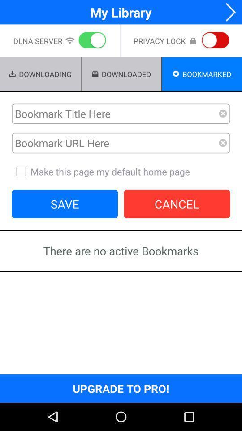 The image size is (242, 431). What do you see at coordinates (228, 12) in the screenshot?
I see `app to the right of my library app` at bounding box center [228, 12].